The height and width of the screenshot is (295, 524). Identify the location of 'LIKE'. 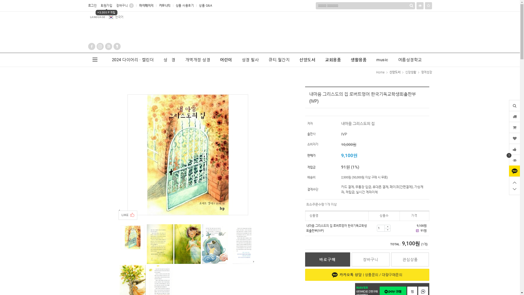
(128, 215).